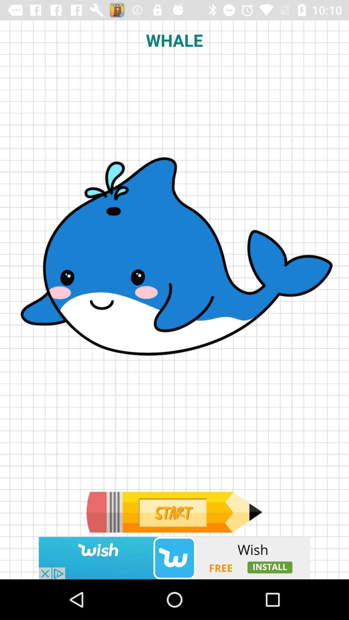  What do you see at coordinates (174, 512) in the screenshot?
I see `start` at bounding box center [174, 512].